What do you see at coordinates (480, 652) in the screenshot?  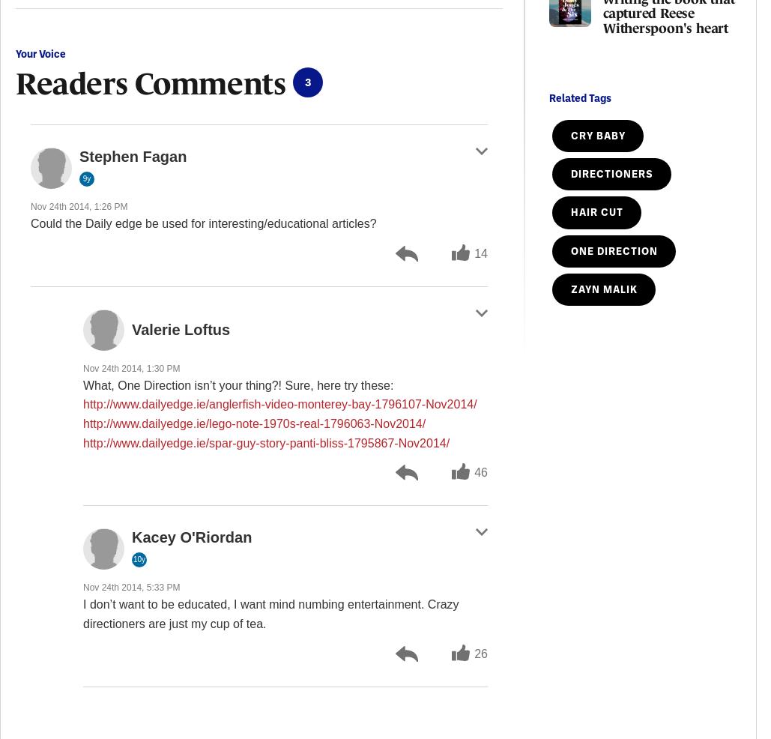 I see `'26'` at bounding box center [480, 652].